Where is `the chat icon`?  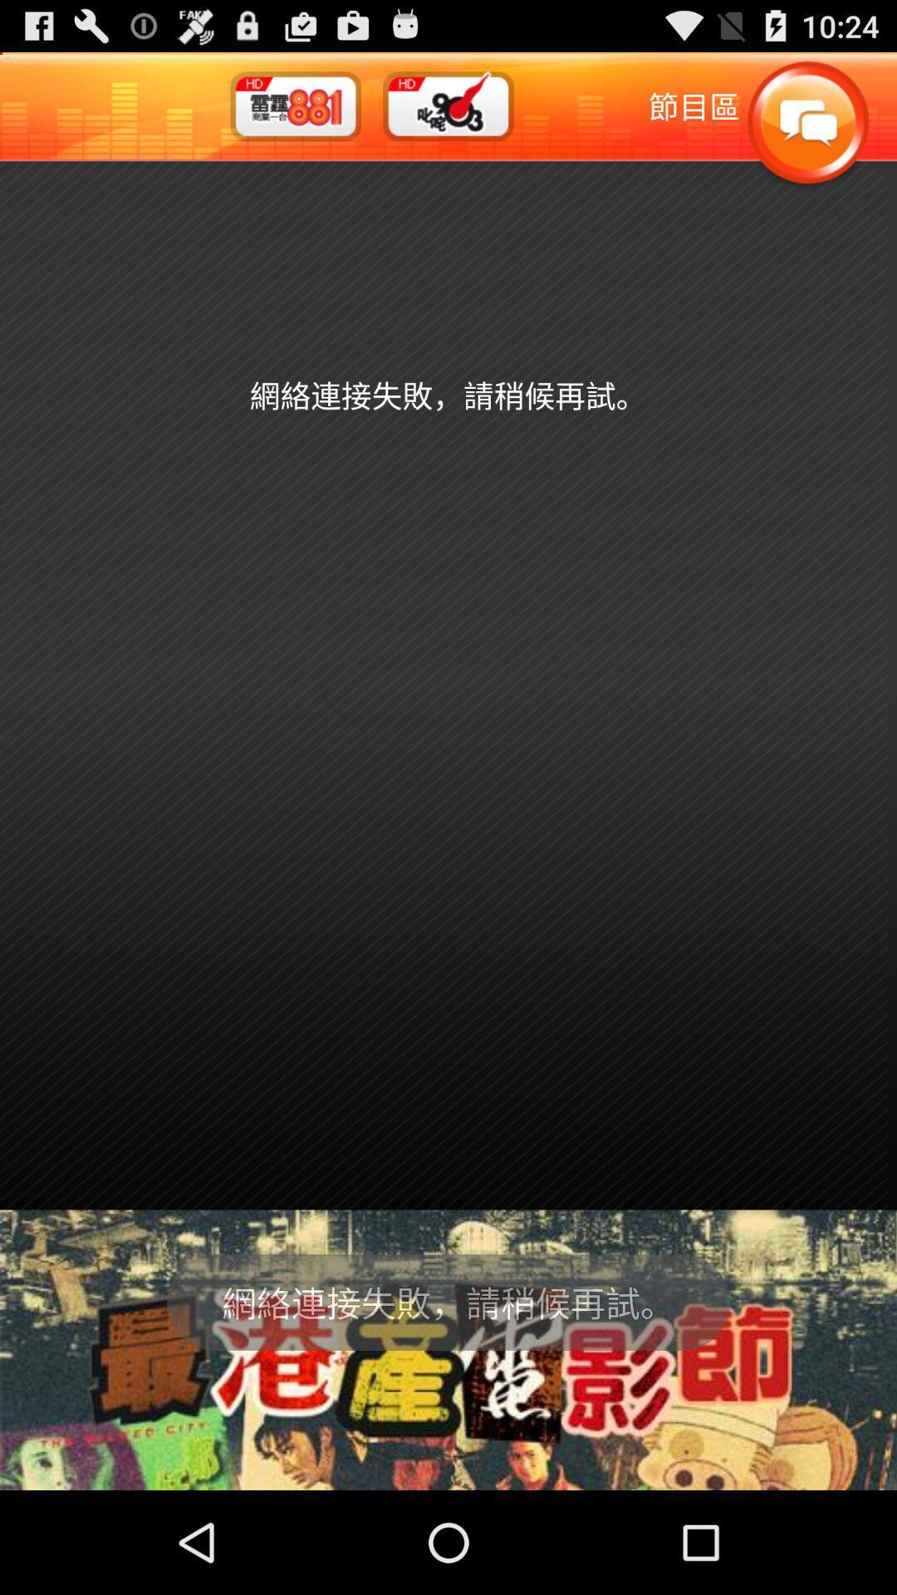 the chat icon is located at coordinates (806, 133).